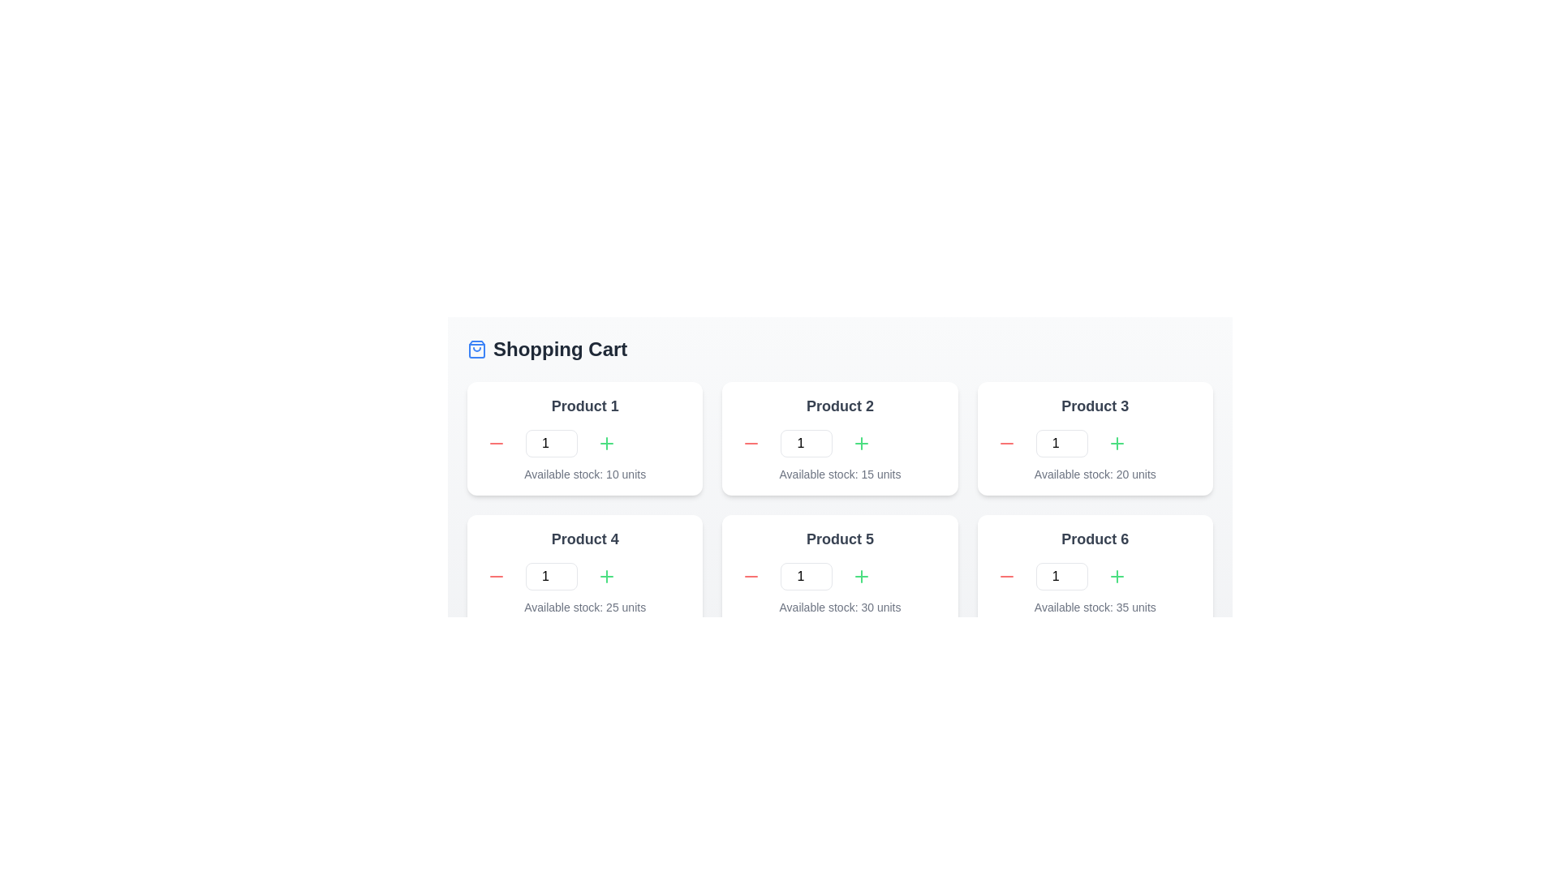 The image size is (1558, 876). Describe the element at coordinates (495, 444) in the screenshot. I see `the minimalistic minus sign icon button in the 'Product 1' section of the shopping cart interface` at that location.